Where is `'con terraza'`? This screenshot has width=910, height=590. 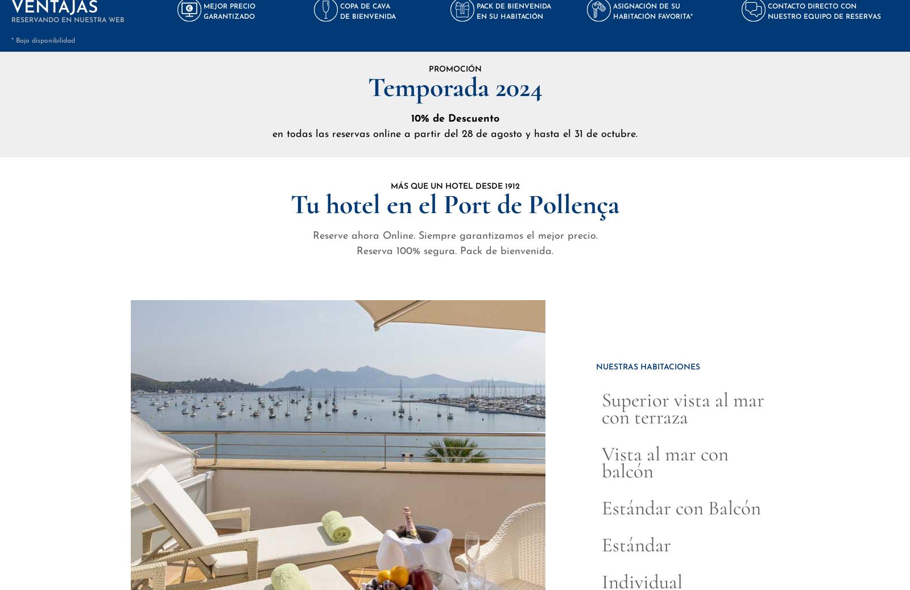 'con terraza' is located at coordinates (602, 416).